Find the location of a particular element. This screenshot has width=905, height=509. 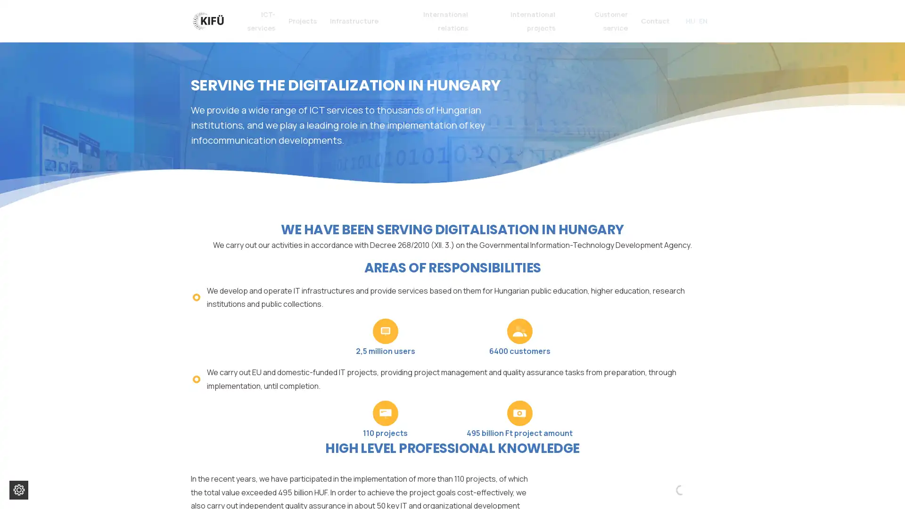

Change cookie settings is located at coordinates (18, 490).